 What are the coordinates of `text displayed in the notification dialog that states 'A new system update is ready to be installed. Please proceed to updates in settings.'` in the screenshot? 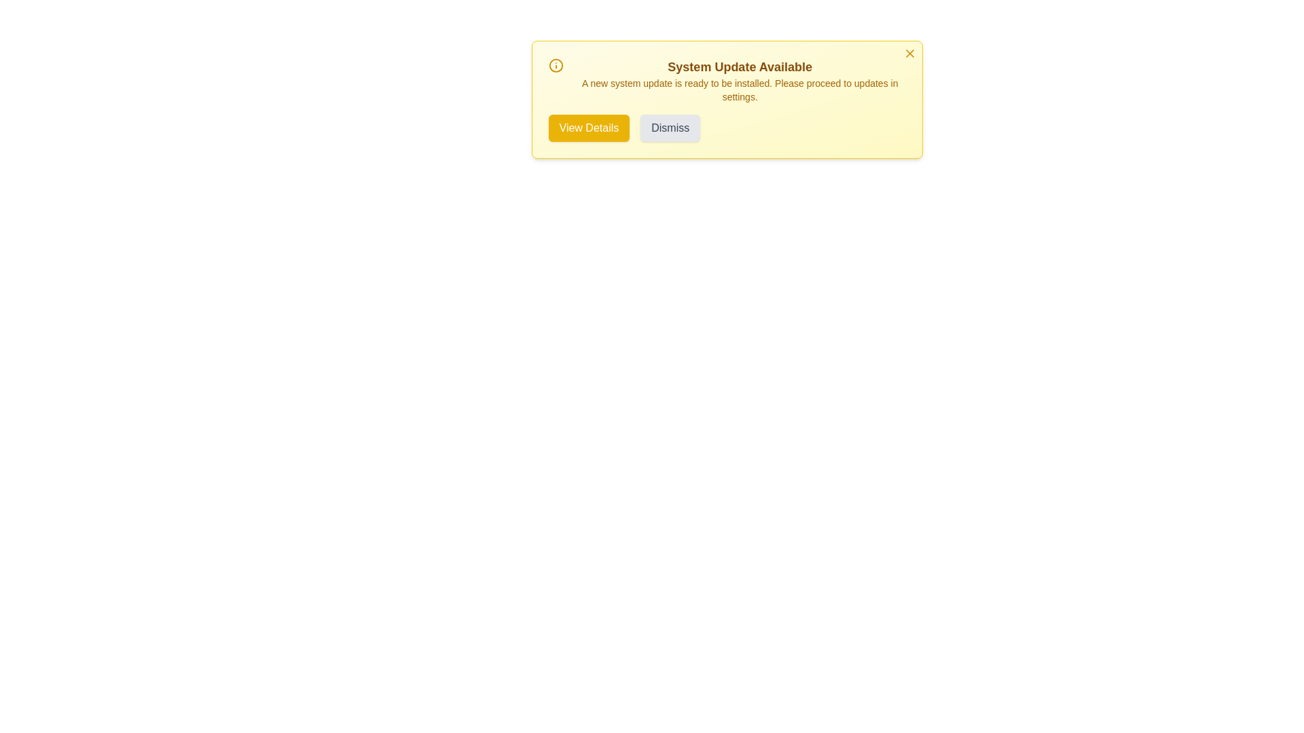 It's located at (739, 90).